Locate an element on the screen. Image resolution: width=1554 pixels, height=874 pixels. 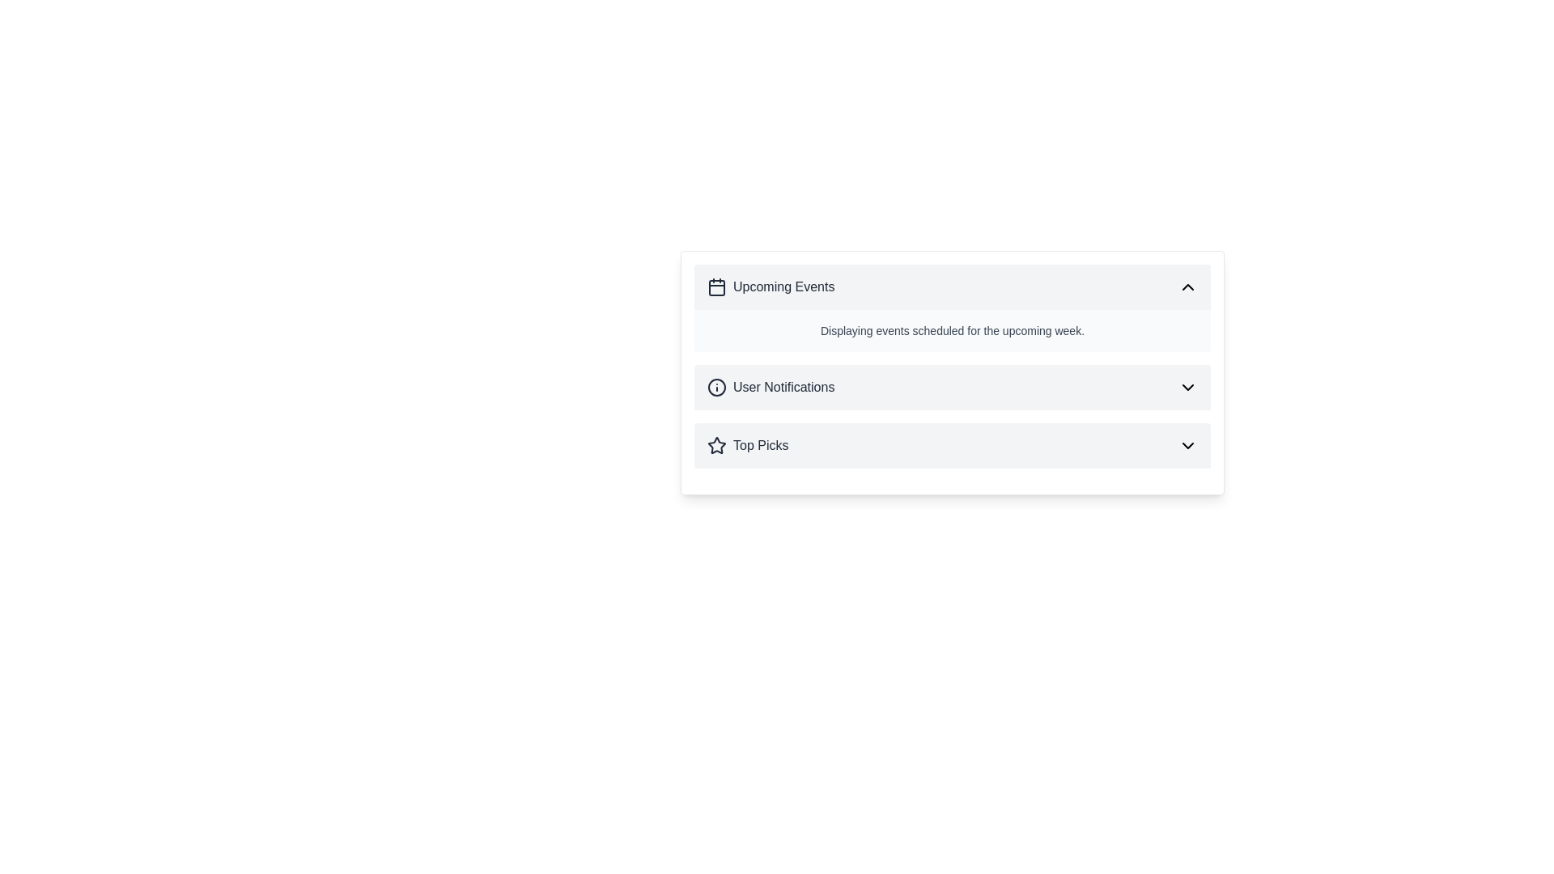
text label displaying 'User Notifications', which is styled with medium font size and positioned next to an information icon is located at coordinates (783, 387).